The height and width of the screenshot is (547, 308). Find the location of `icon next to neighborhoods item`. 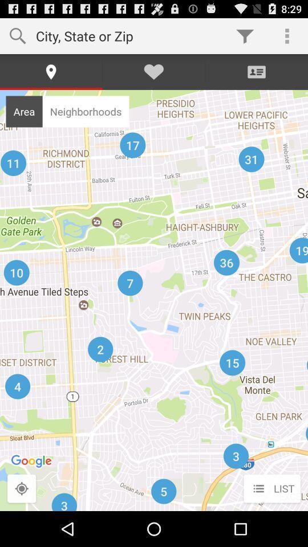

icon next to neighborhoods item is located at coordinates (24, 111).